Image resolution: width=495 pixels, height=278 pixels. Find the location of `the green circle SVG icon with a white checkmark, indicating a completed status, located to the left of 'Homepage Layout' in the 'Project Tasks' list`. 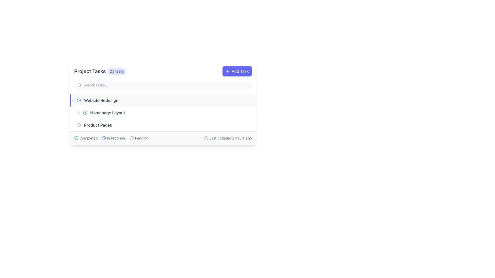

the green circle SVG icon with a white checkmark, indicating a completed status, located to the left of 'Homepage Layout' in the 'Project Tasks' list is located at coordinates (85, 112).